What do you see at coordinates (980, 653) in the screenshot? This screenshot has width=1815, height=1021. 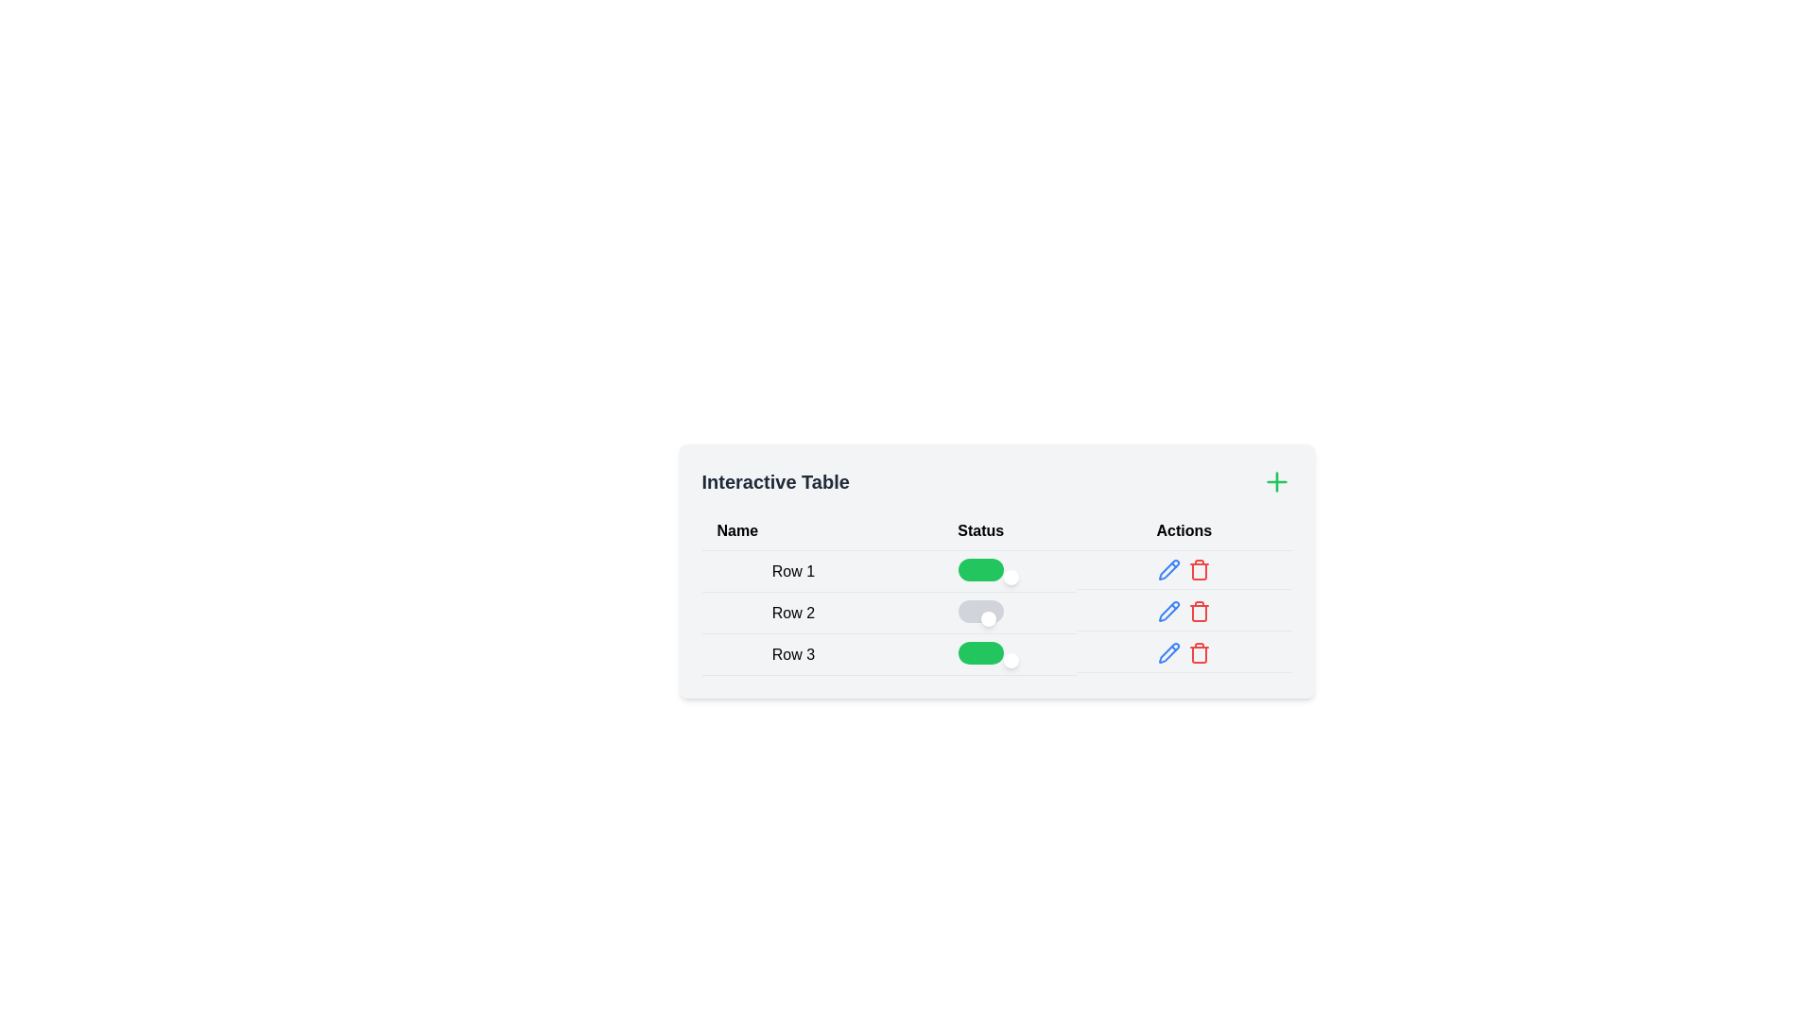 I see `on the toggle switch located in the third row under the 'Status' column` at bounding box center [980, 653].